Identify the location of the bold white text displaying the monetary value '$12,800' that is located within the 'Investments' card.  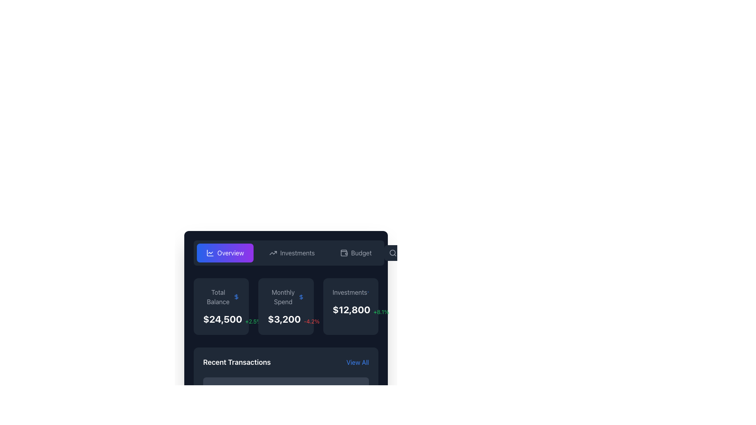
(350, 309).